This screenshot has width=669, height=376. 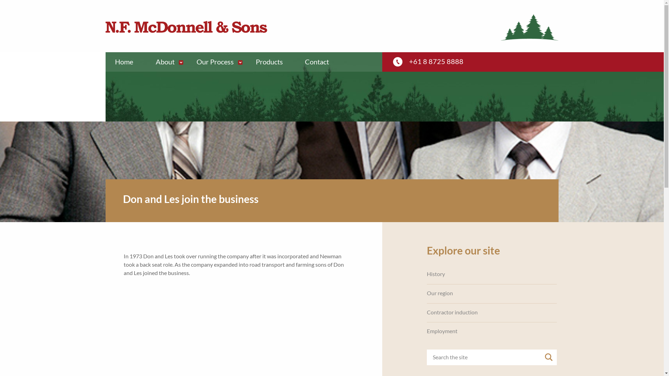 I want to click on 'N.F. McDonnell & Sons', so click(x=186, y=26).